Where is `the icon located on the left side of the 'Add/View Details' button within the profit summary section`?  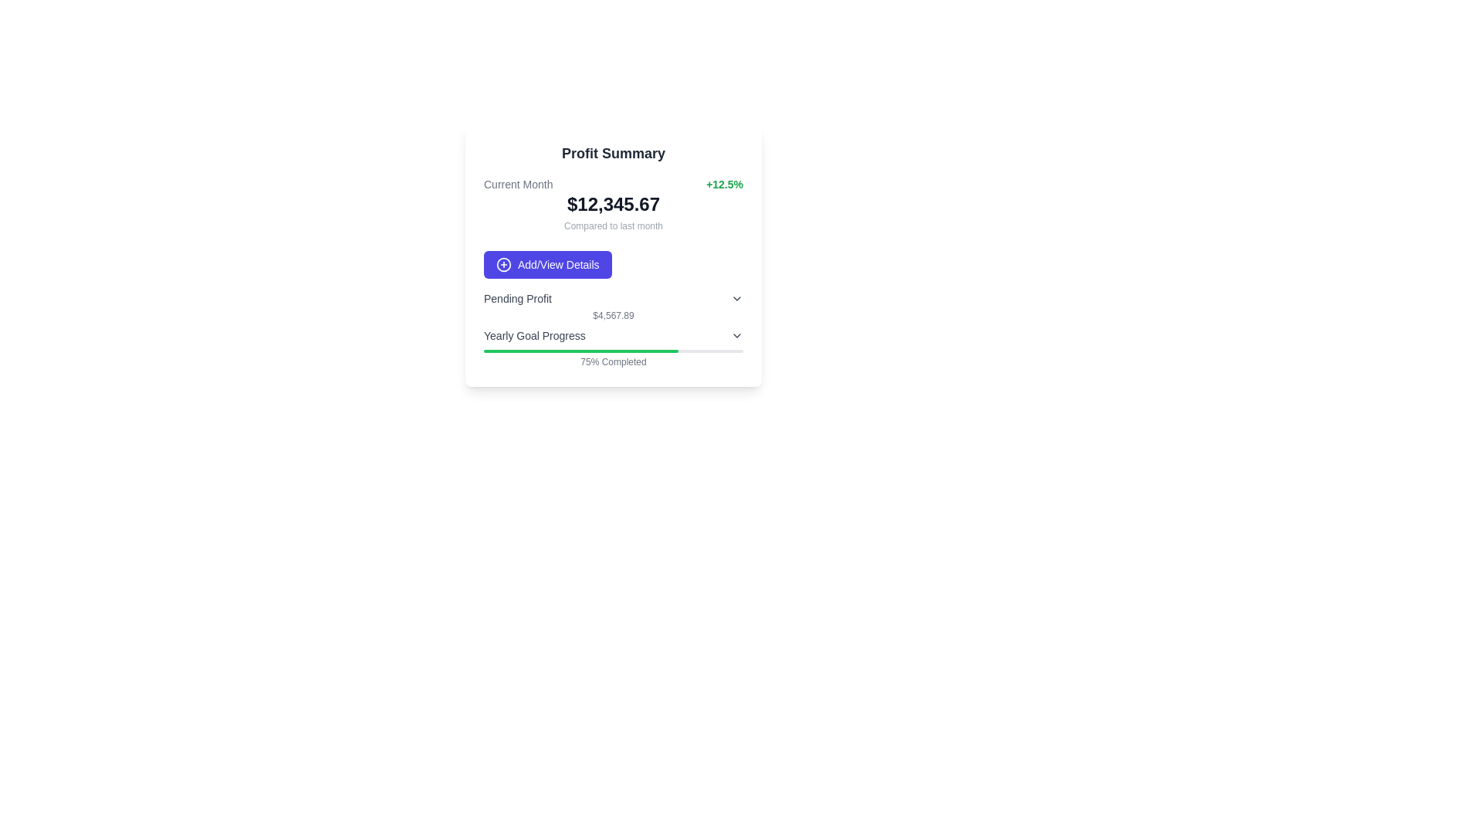
the icon located on the left side of the 'Add/View Details' button within the profit summary section is located at coordinates (503, 264).